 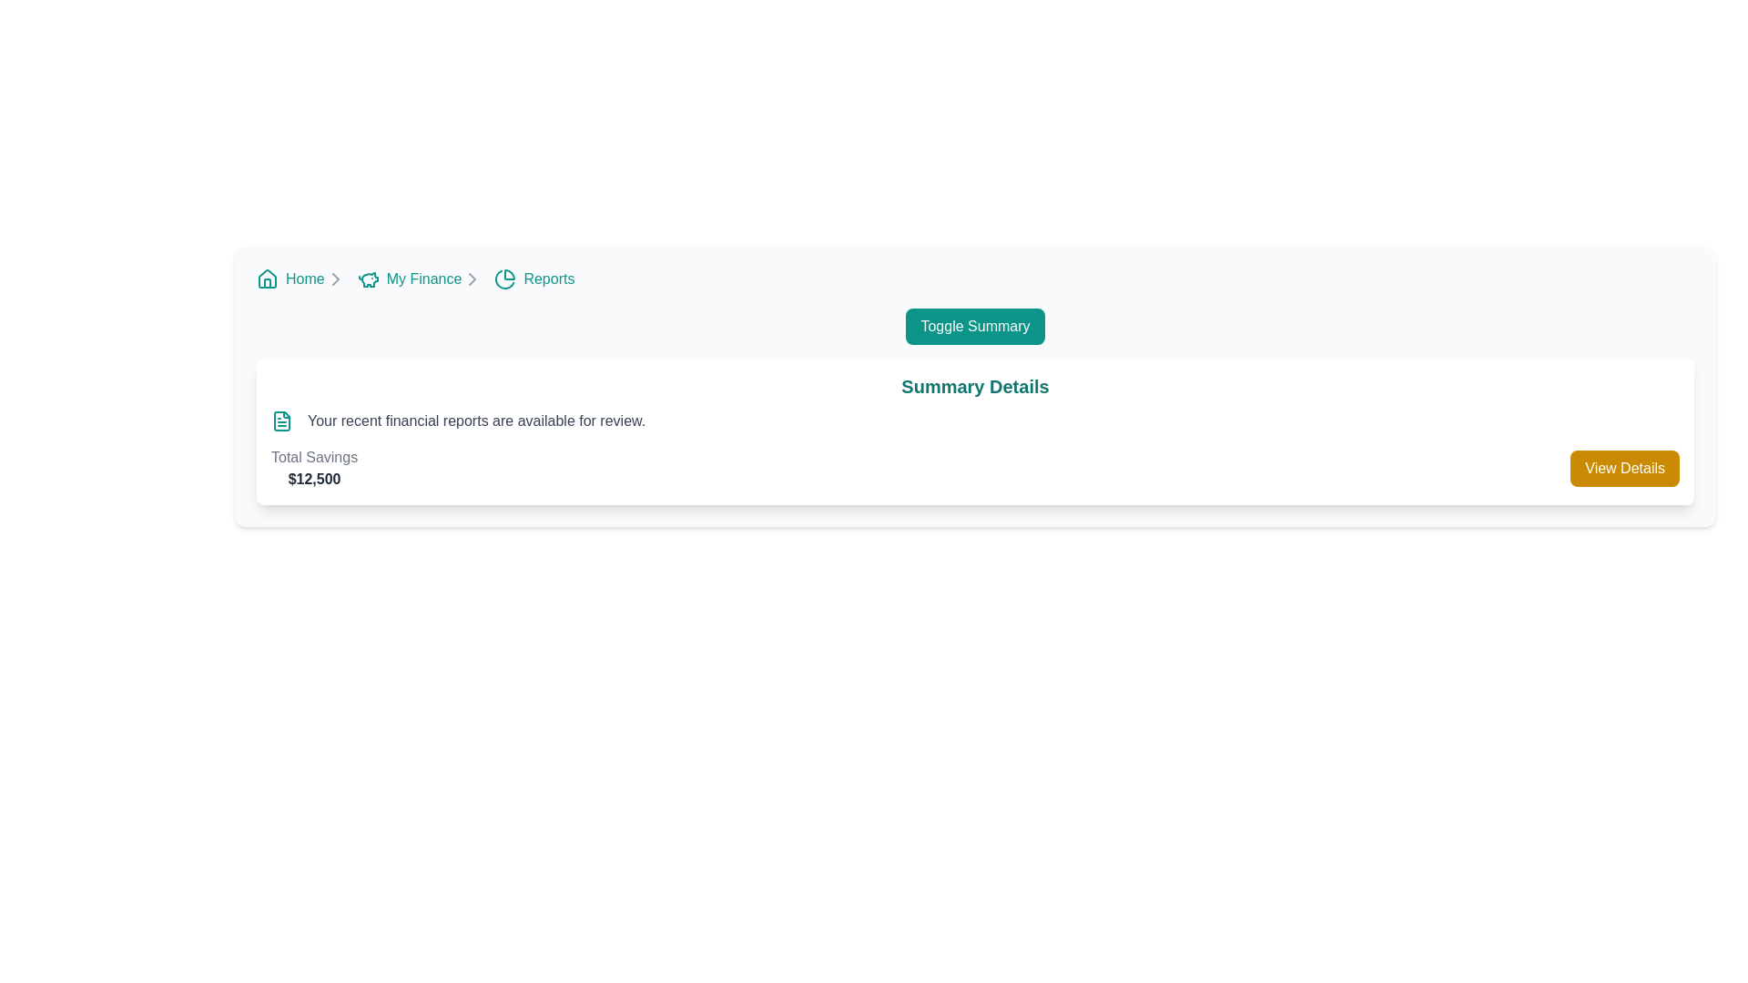 I want to click on the decorative icon representing the 'My Finance' section located in the breadcrumb navigation bar, positioned to the left of the 'My Finance' text link, so click(x=367, y=279).